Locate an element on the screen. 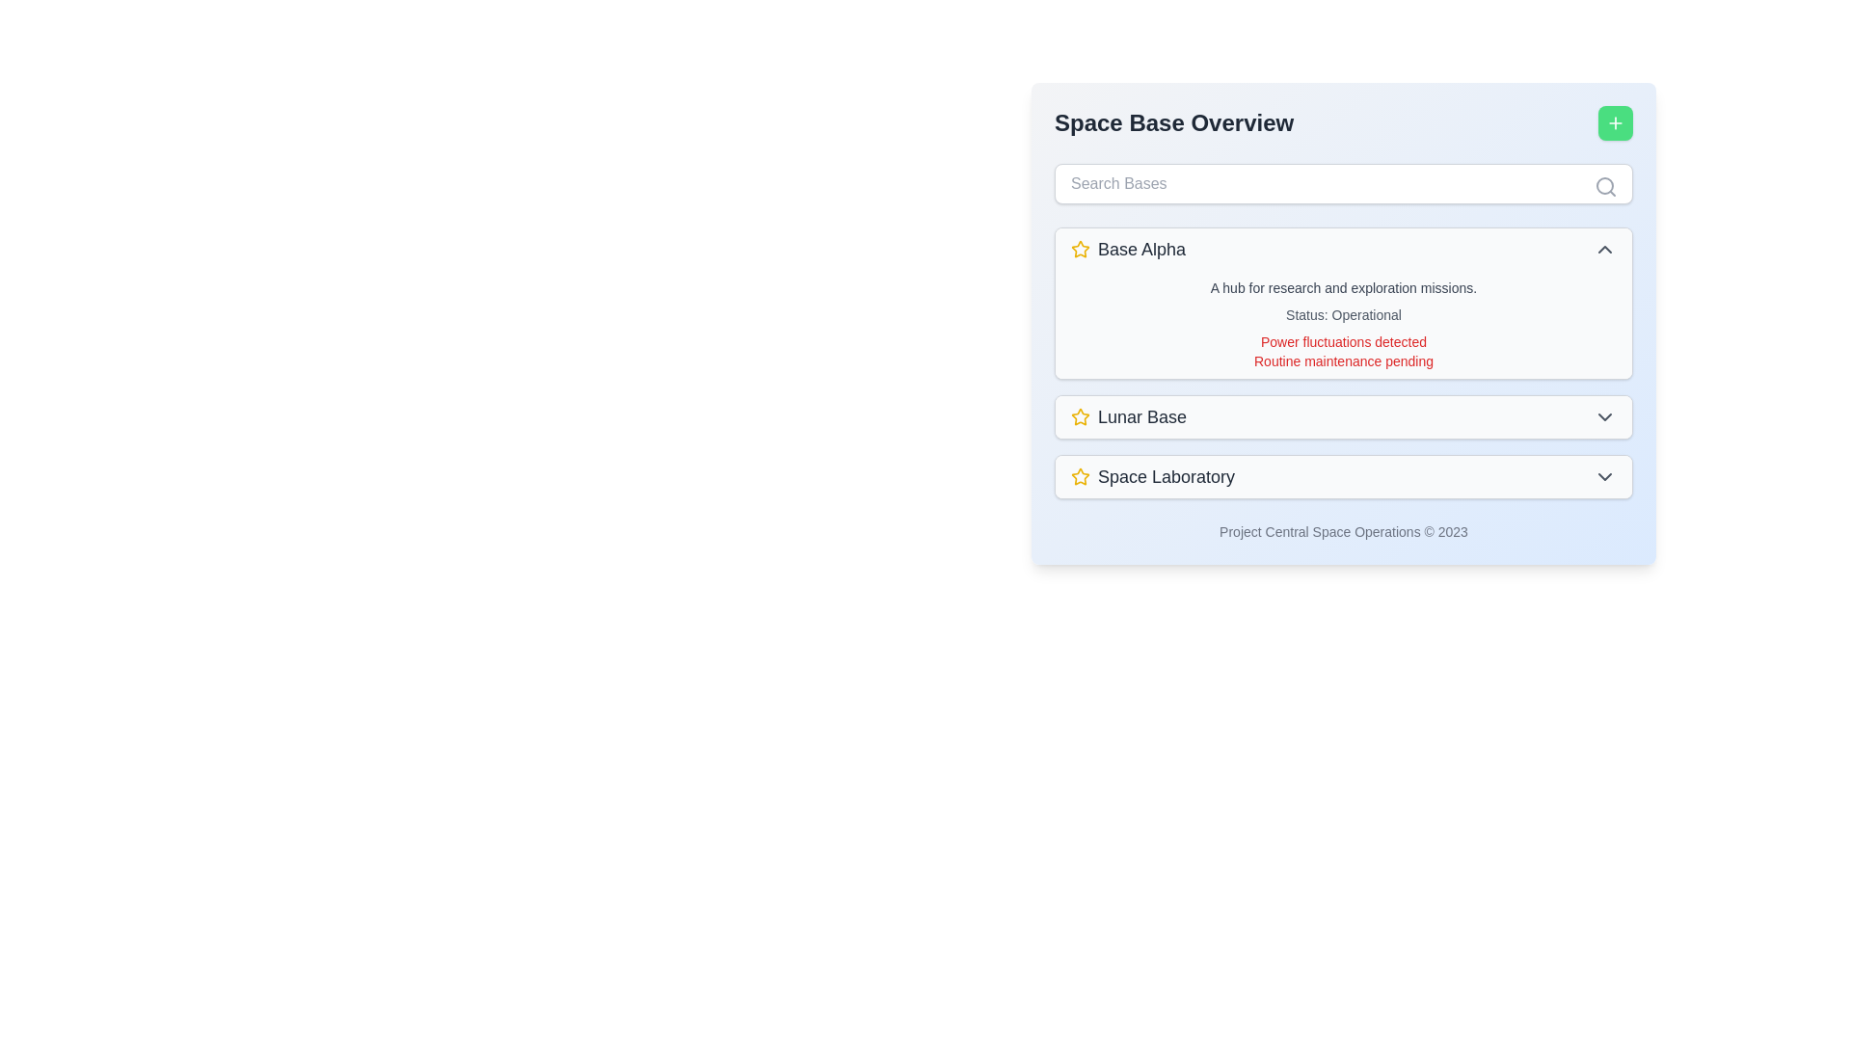 The width and height of the screenshot is (1851, 1041). the green button with a white plus icon located in the top-right corner of the 'Space Base Overview' panel to prepare for keyboard interaction is located at coordinates (1615, 122).